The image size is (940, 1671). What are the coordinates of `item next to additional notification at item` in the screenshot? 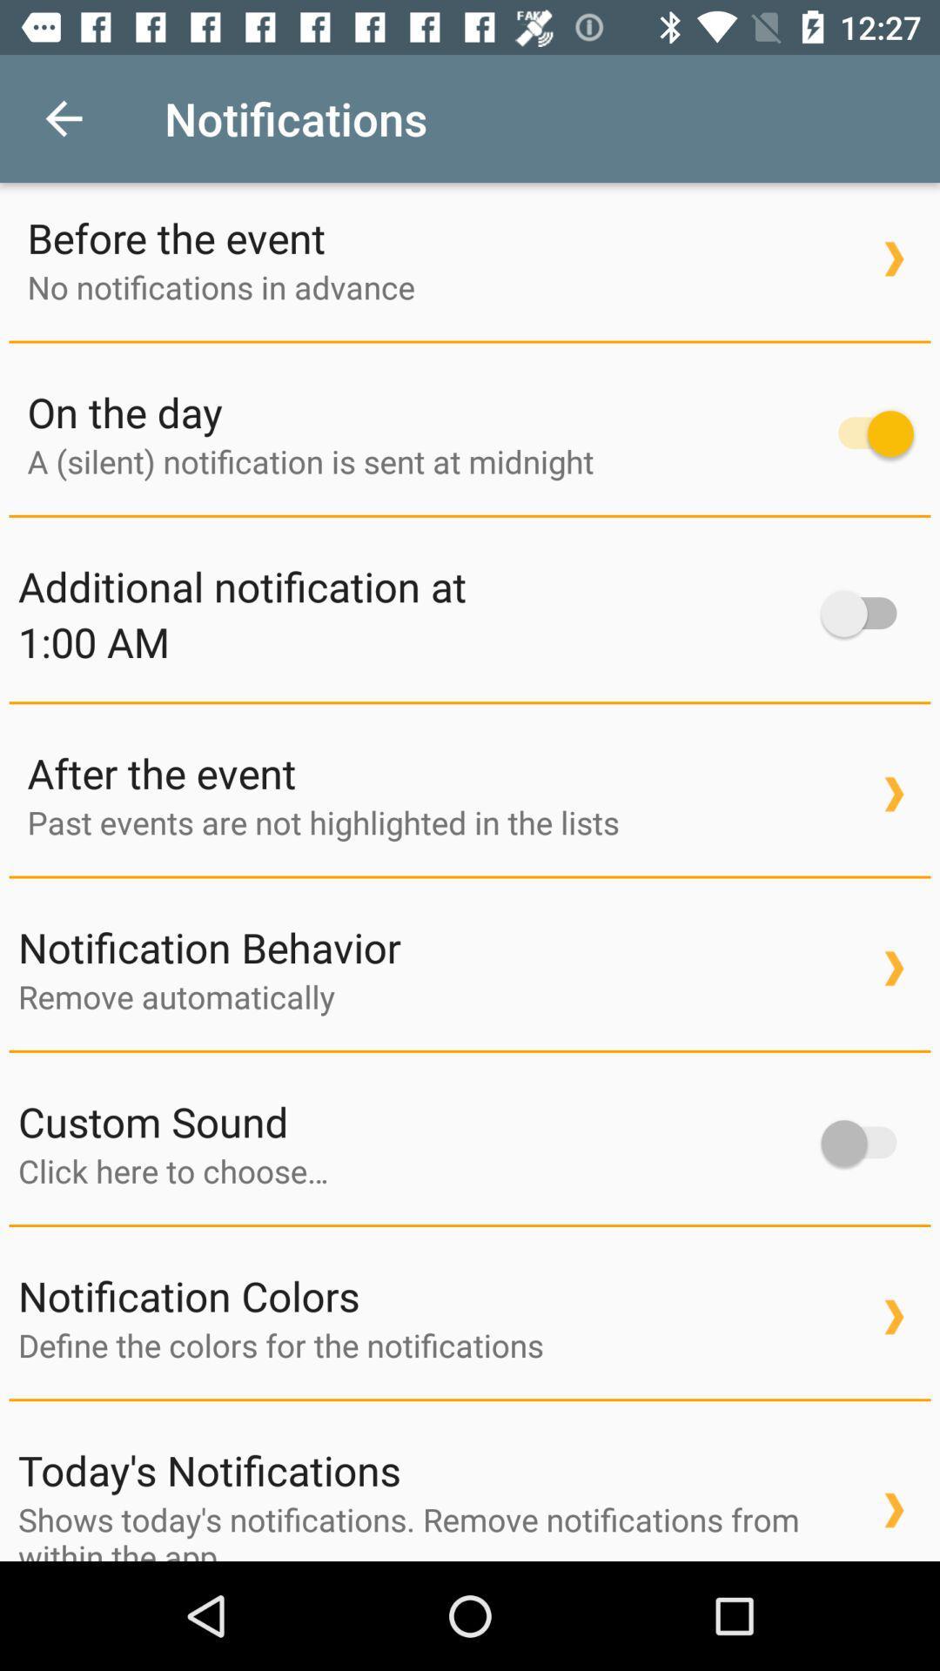 It's located at (867, 614).